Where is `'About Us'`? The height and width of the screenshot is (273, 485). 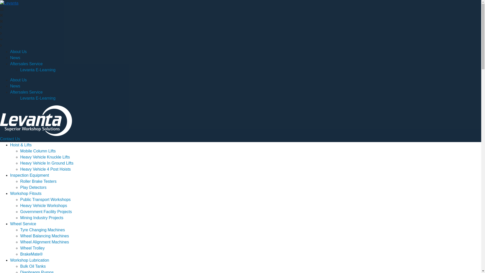 'About Us' is located at coordinates (18, 52).